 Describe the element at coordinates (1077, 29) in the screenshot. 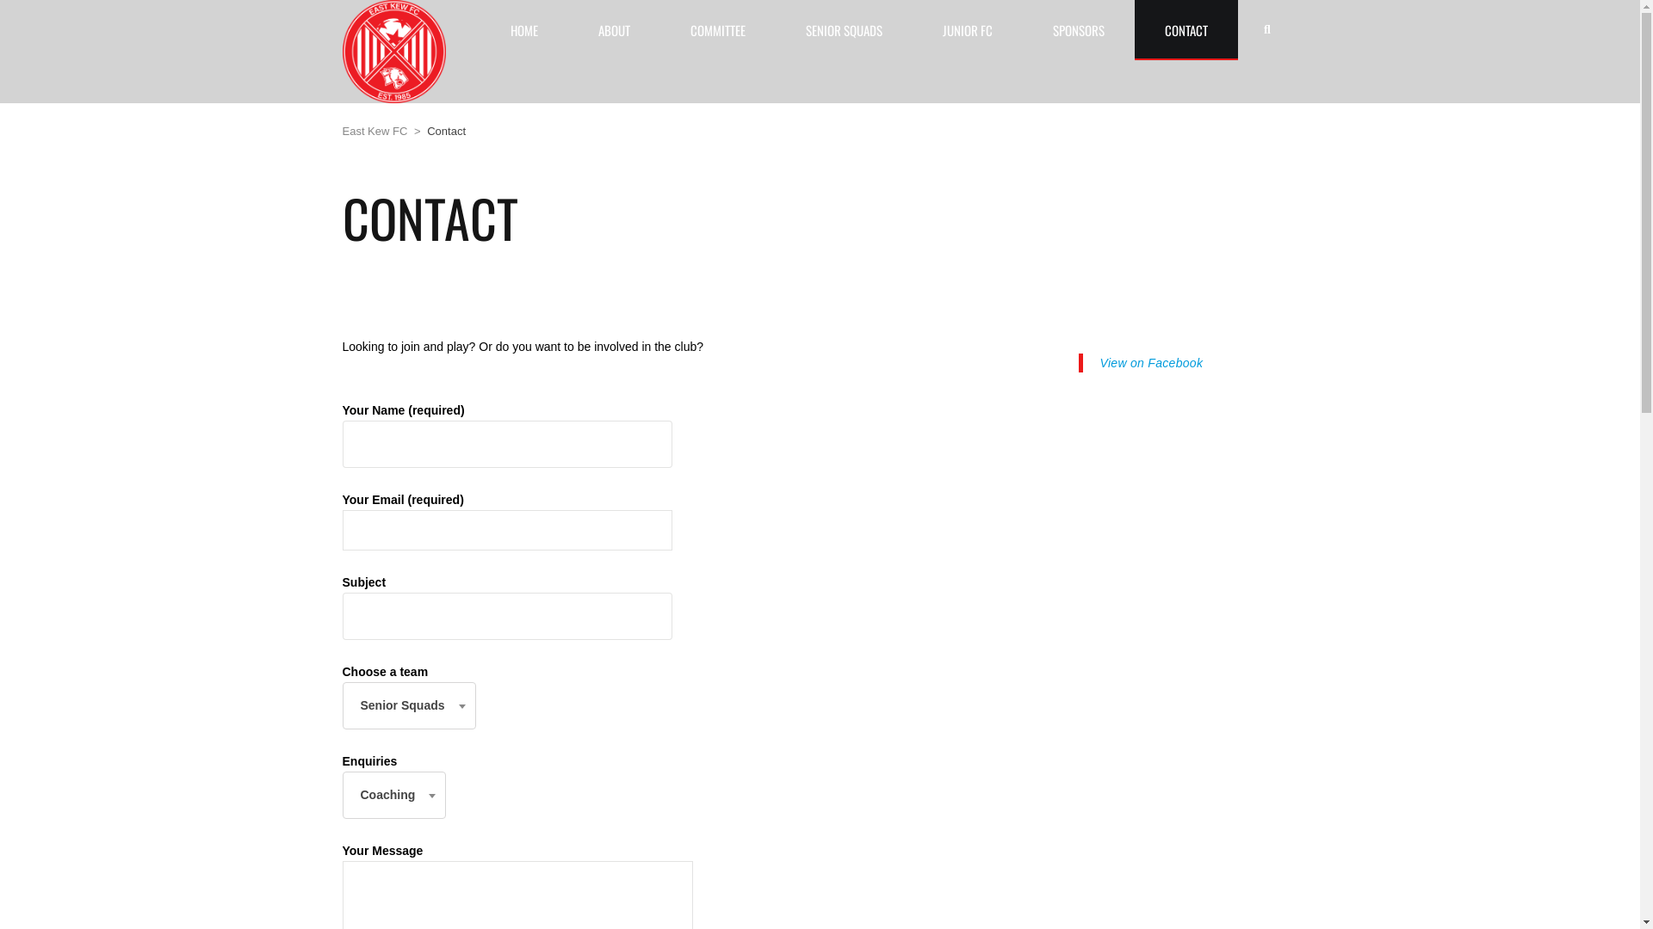

I see `'SPONSORS'` at that location.